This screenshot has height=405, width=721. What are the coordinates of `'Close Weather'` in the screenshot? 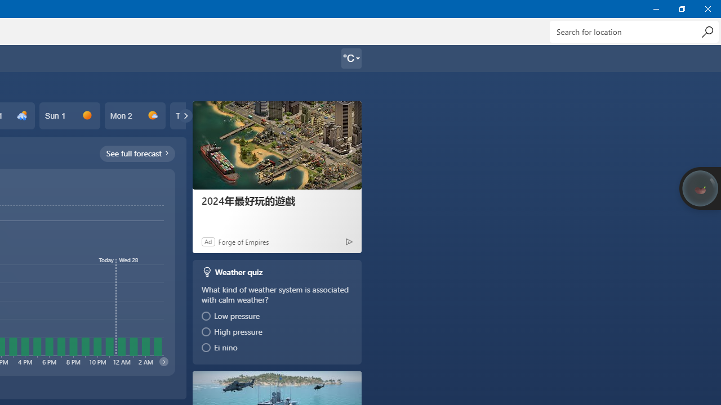 It's located at (707, 8).